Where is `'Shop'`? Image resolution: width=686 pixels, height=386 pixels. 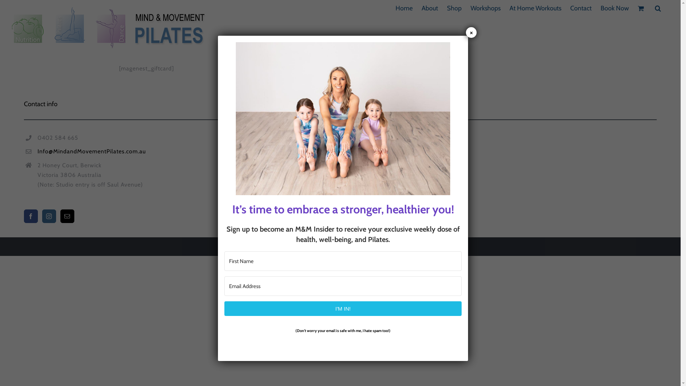 'Shop' is located at coordinates (447, 8).